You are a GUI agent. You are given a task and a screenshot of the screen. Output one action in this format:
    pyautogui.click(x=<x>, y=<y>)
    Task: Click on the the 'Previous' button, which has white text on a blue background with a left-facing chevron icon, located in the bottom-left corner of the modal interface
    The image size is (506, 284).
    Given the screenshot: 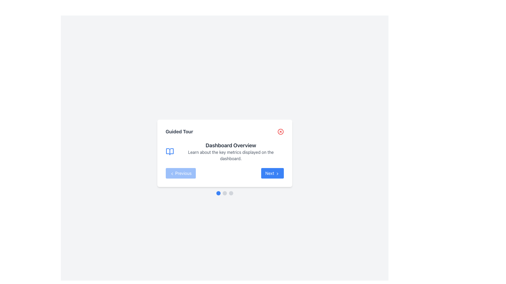 What is the action you would take?
    pyautogui.click(x=181, y=173)
    